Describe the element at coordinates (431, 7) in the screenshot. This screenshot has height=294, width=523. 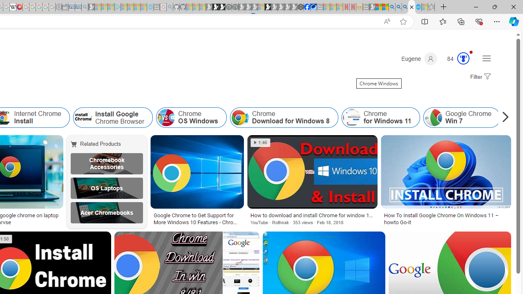
I see `'Favorites - Sleeping'` at that location.